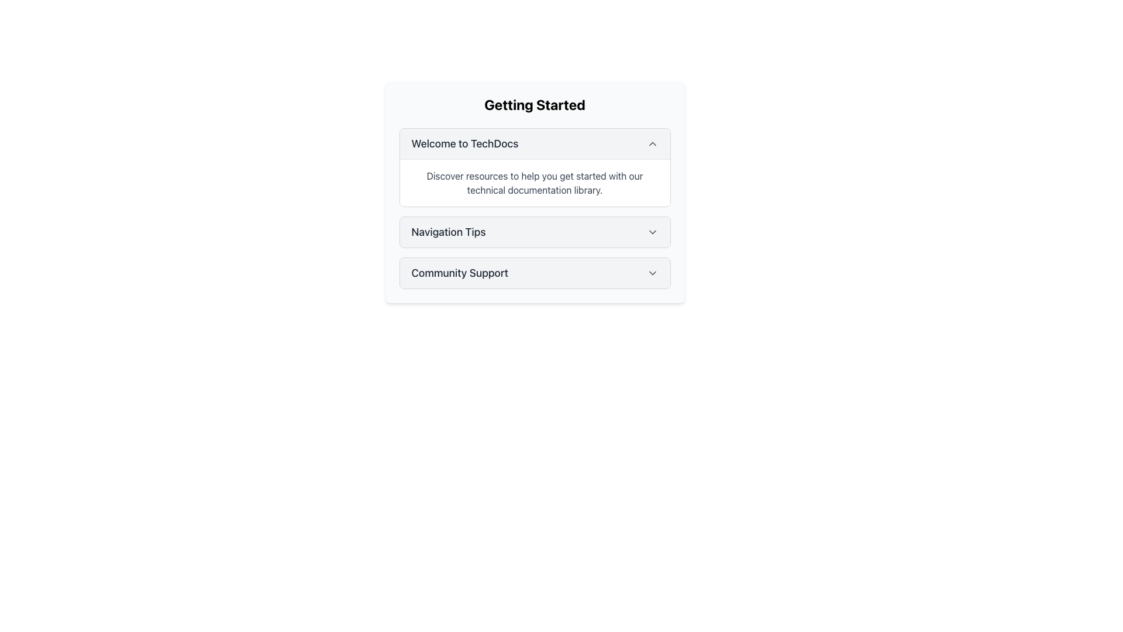 The width and height of the screenshot is (1123, 632). What do you see at coordinates (534, 183) in the screenshot?
I see `the informational Text Box that provides guidance for exploring the technical documentation library, located beneath the title 'Welcome to TechDocs'` at bounding box center [534, 183].